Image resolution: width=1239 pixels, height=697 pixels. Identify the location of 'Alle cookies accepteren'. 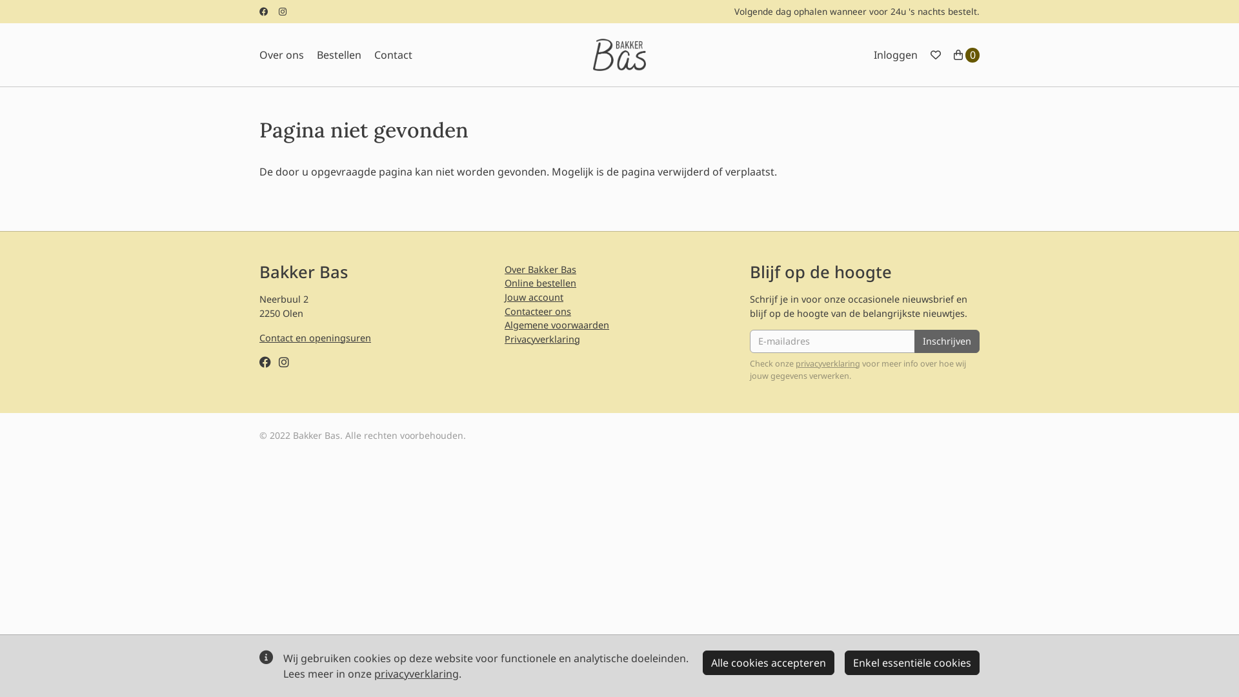
(702, 662).